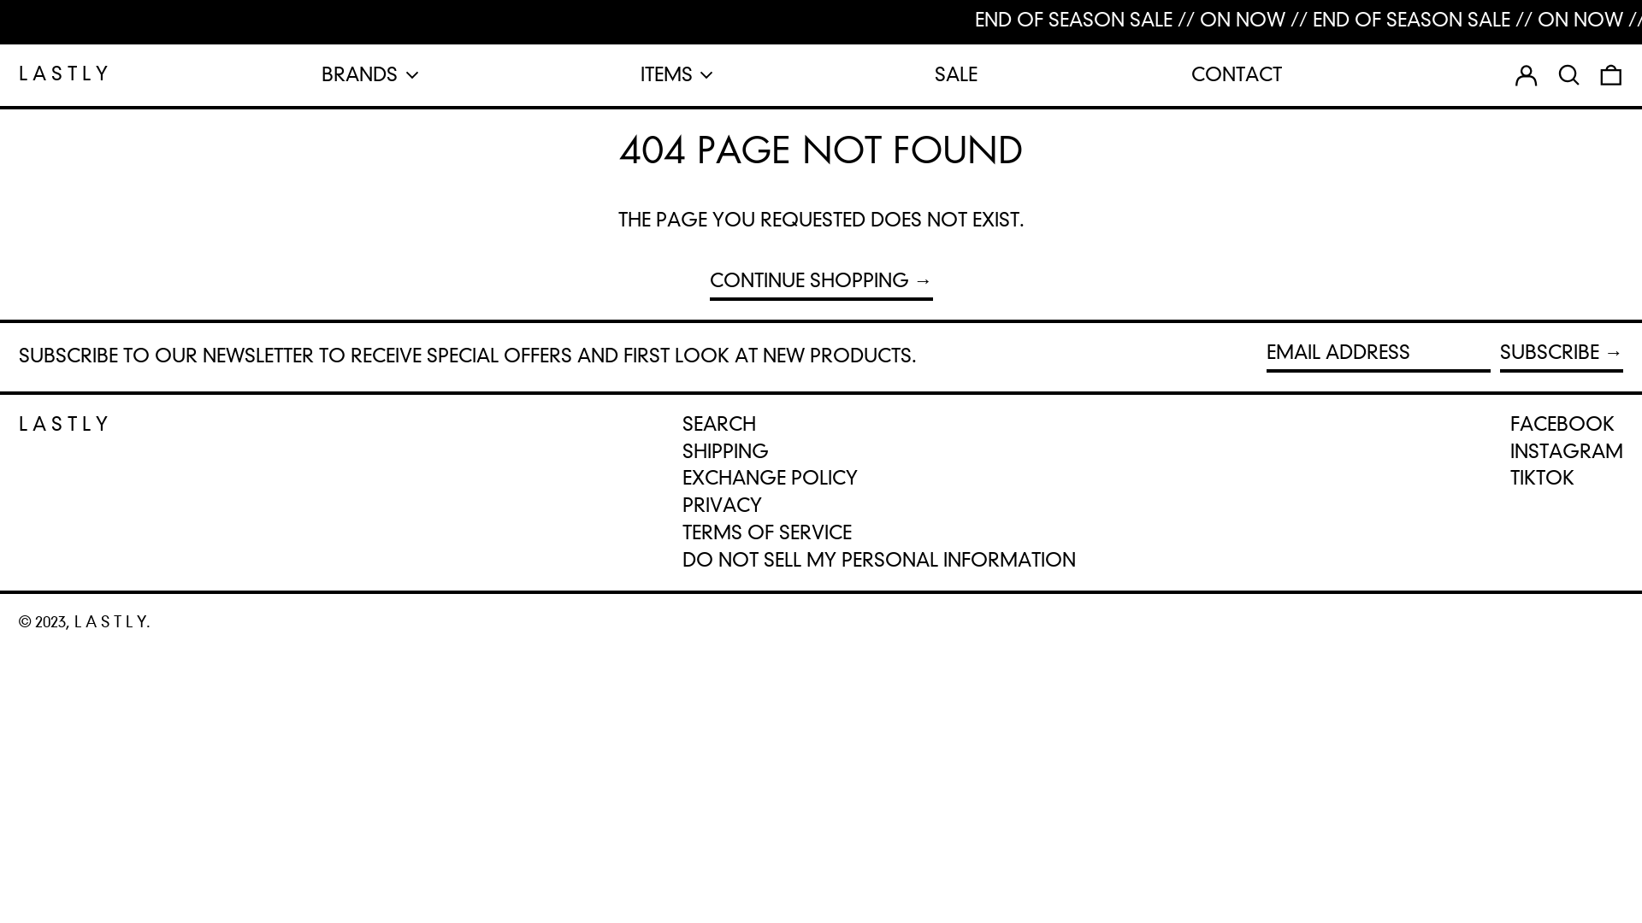 The image size is (1642, 923). What do you see at coordinates (109, 621) in the screenshot?
I see `'L A S T L Y'` at bounding box center [109, 621].